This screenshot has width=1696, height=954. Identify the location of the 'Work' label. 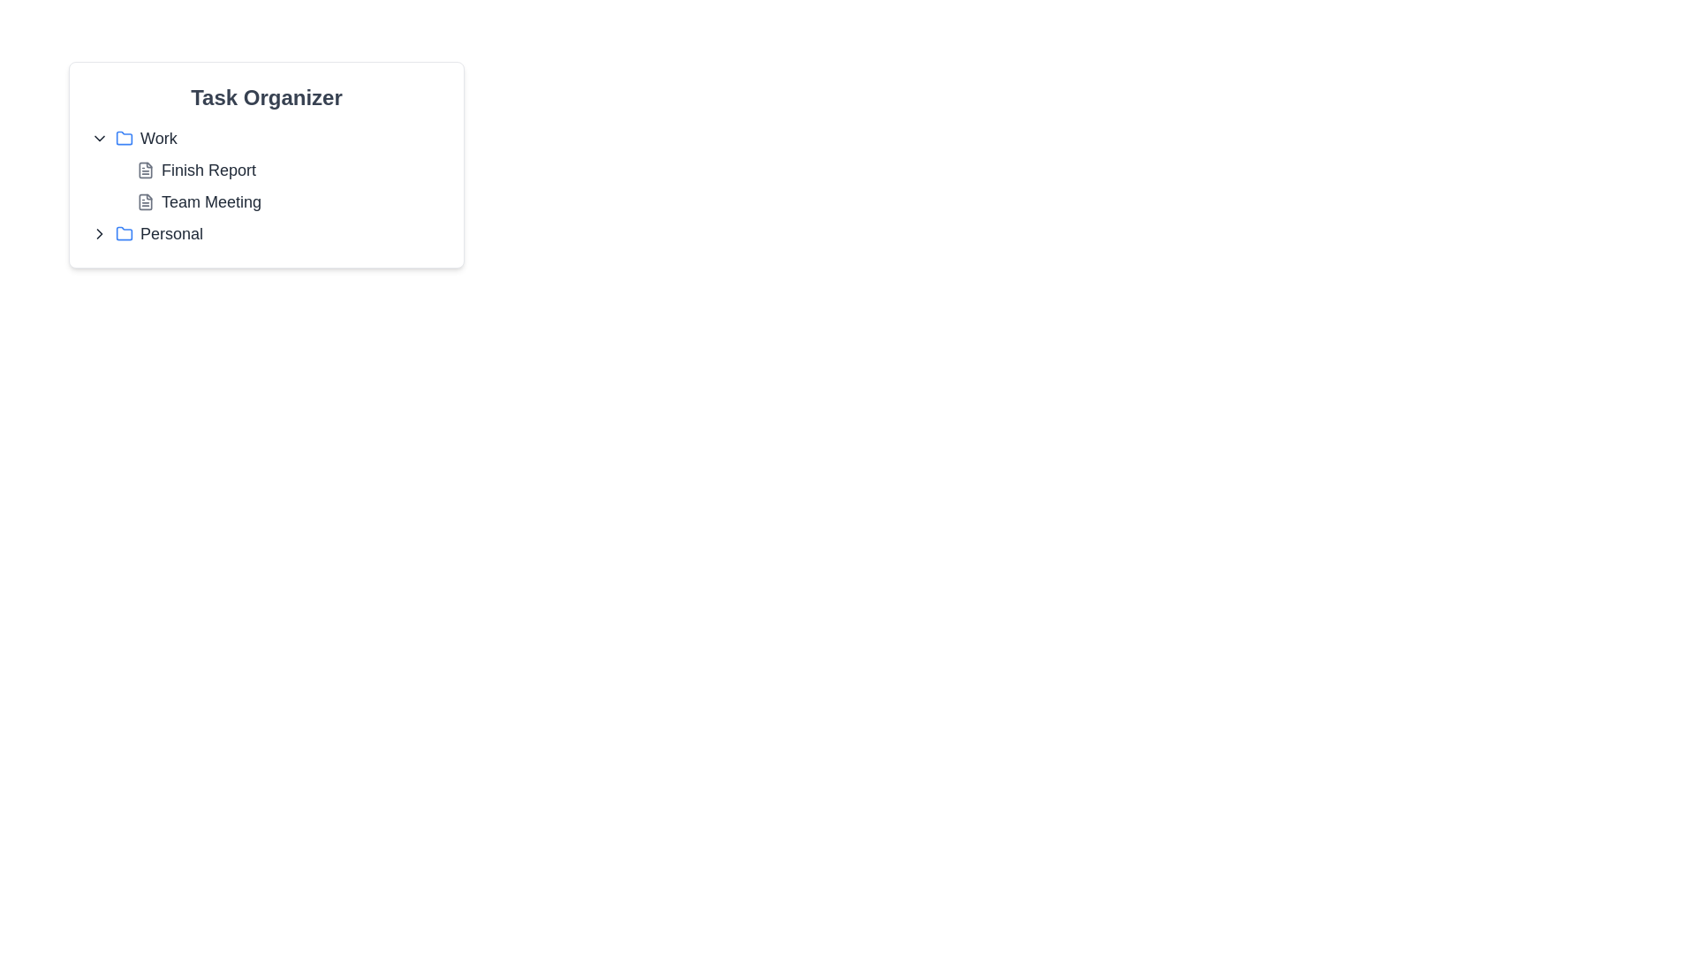
(158, 138).